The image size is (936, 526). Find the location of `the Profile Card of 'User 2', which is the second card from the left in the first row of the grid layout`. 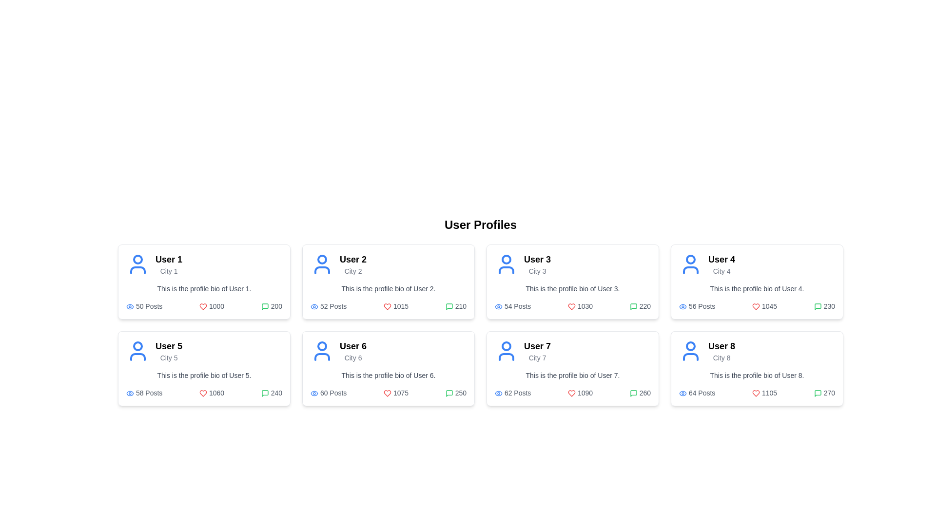

the Profile Card of 'User 2', which is the second card from the left in the first row of the grid layout is located at coordinates (388, 282).